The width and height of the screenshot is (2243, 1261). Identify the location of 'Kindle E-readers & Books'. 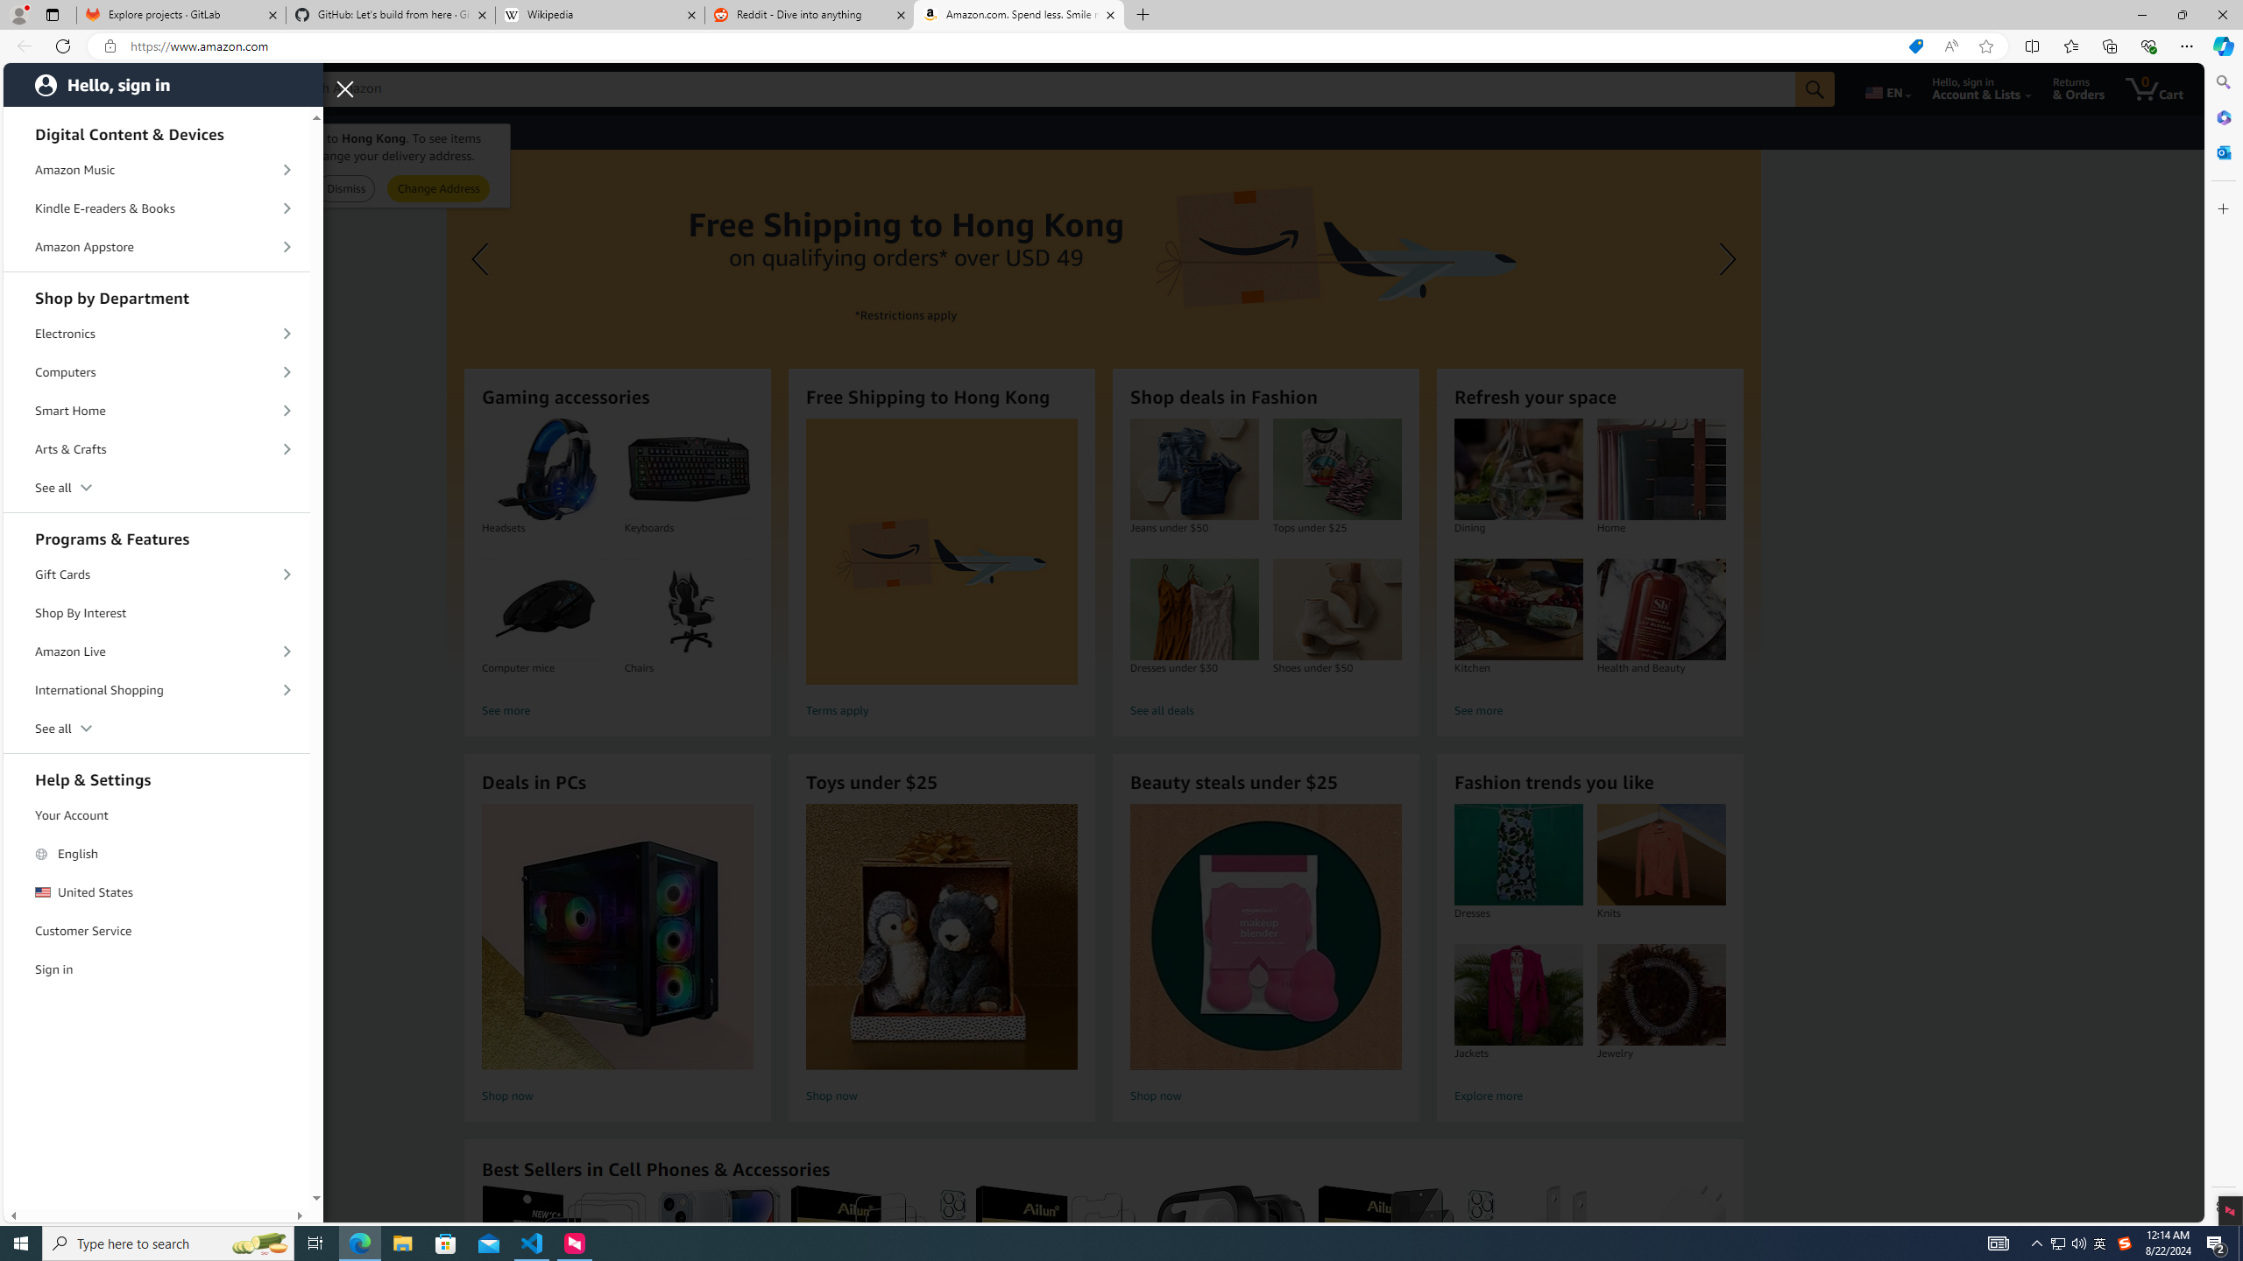
(157, 208).